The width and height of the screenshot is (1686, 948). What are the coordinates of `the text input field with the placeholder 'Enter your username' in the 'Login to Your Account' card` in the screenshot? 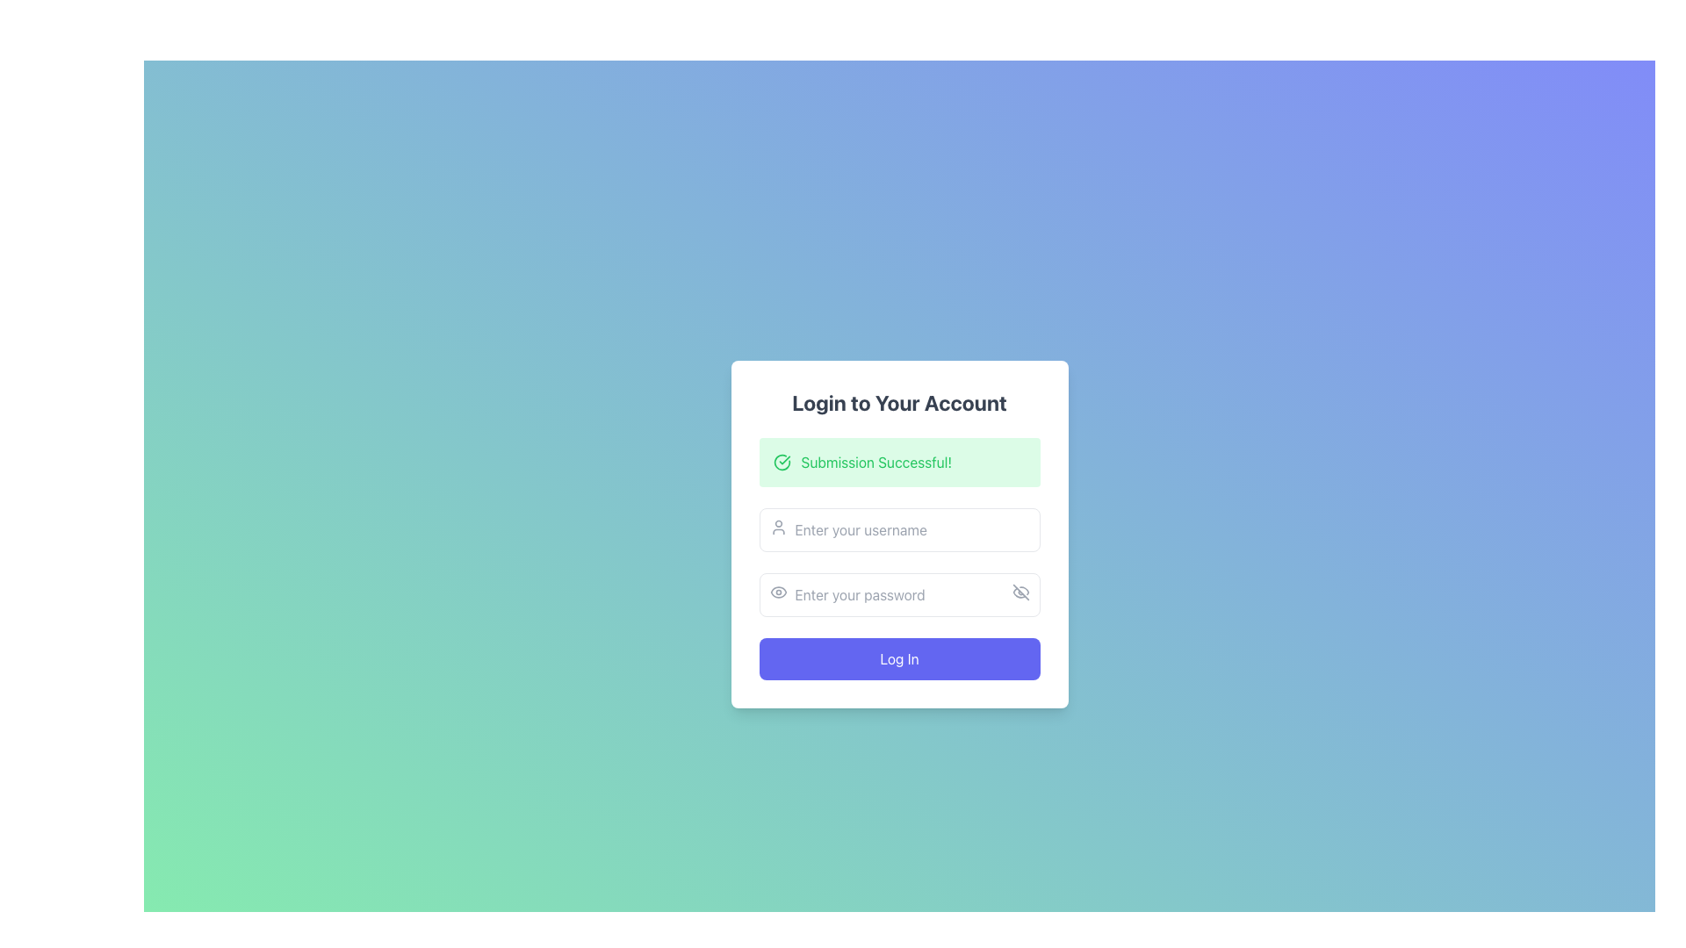 It's located at (899, 534).